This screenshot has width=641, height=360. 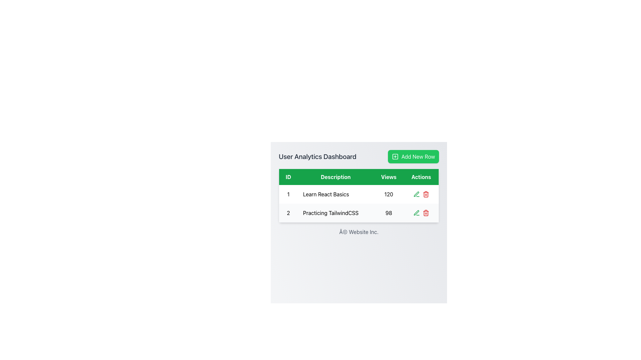 What do you see at coordinates (389, 194) in the screenshot?
I see `the Text display showing the number of views for the 'Learn React Basics' item in the table, located in the 'Views' column of the first data row` at bounding box center [389, 194].